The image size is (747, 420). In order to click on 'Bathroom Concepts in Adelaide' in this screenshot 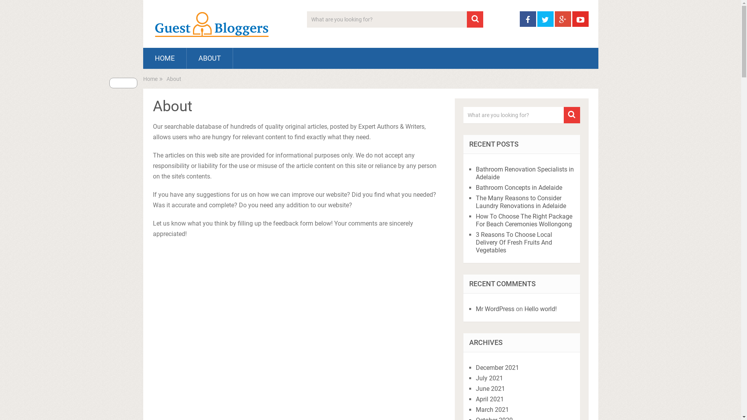, I will do `click(519, 187)`.